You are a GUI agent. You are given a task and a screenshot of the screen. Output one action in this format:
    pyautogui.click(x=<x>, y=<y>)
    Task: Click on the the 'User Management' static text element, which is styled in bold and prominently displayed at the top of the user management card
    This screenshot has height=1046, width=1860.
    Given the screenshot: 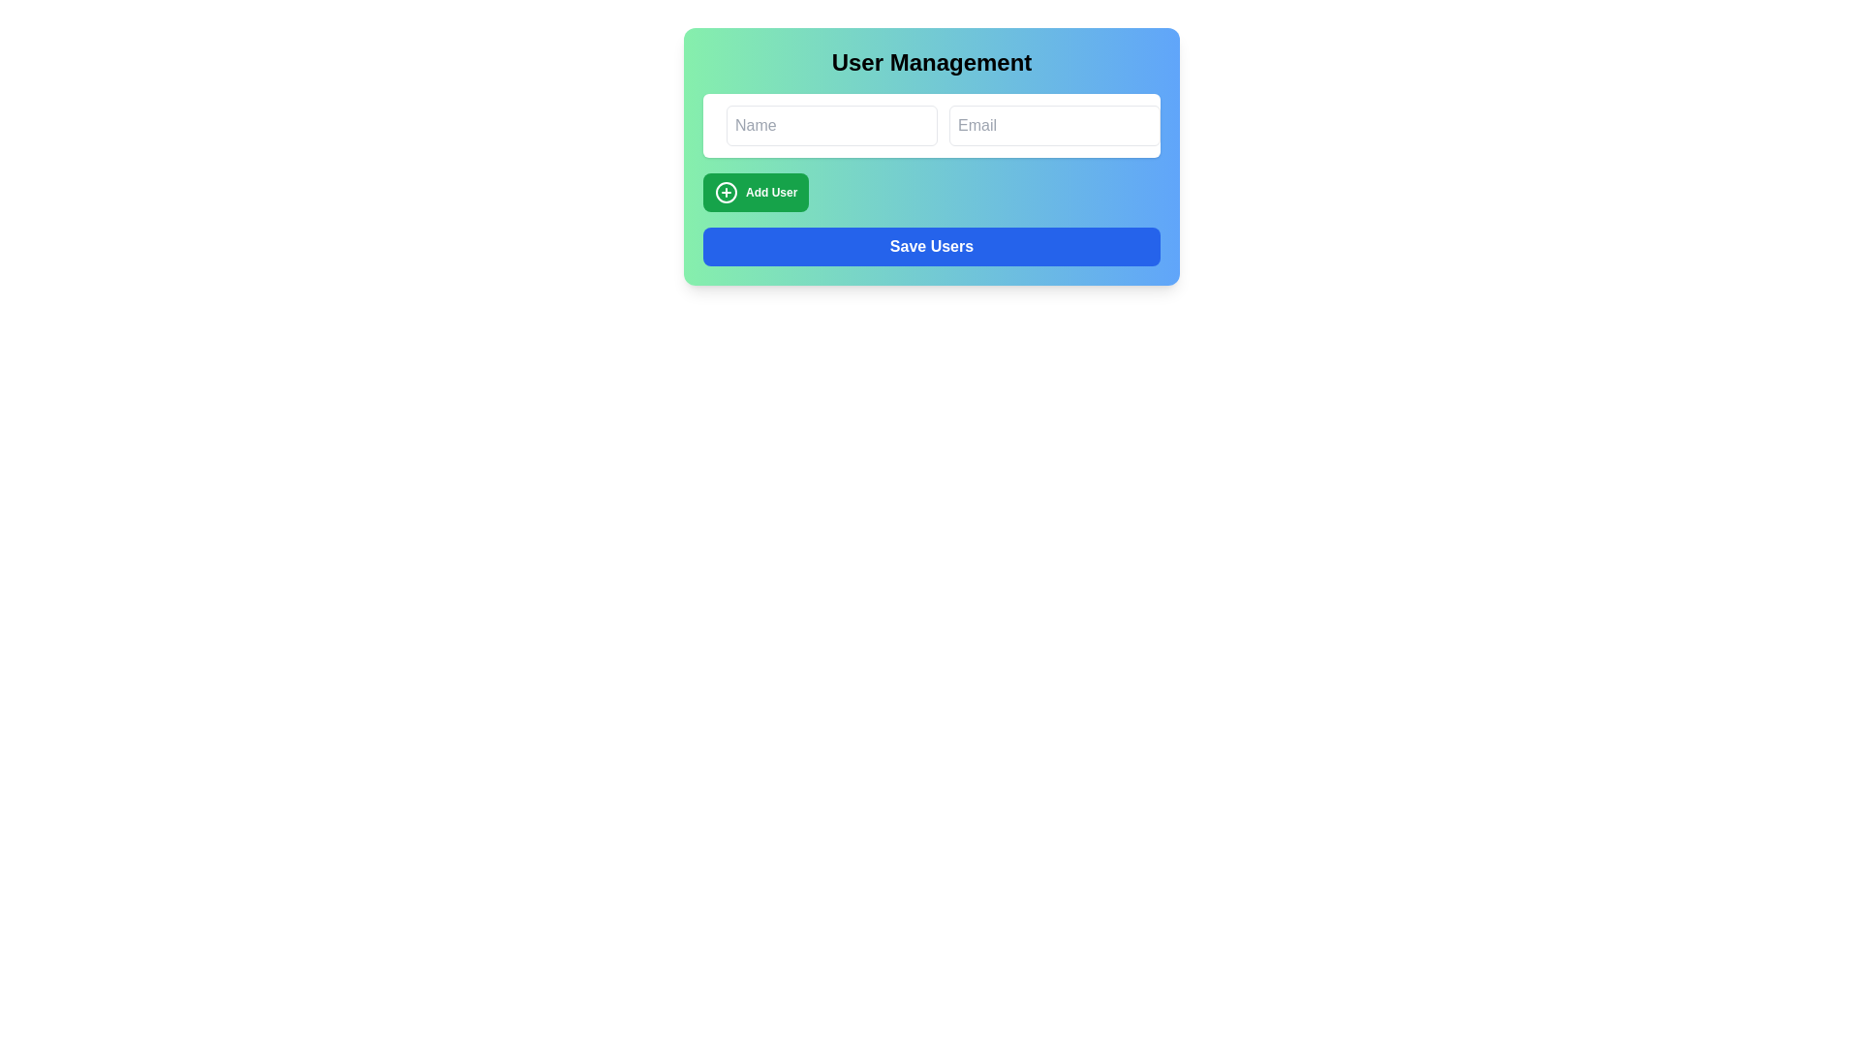 What is the action you would take?
    pyautogui.click(x=931, y=62)
    